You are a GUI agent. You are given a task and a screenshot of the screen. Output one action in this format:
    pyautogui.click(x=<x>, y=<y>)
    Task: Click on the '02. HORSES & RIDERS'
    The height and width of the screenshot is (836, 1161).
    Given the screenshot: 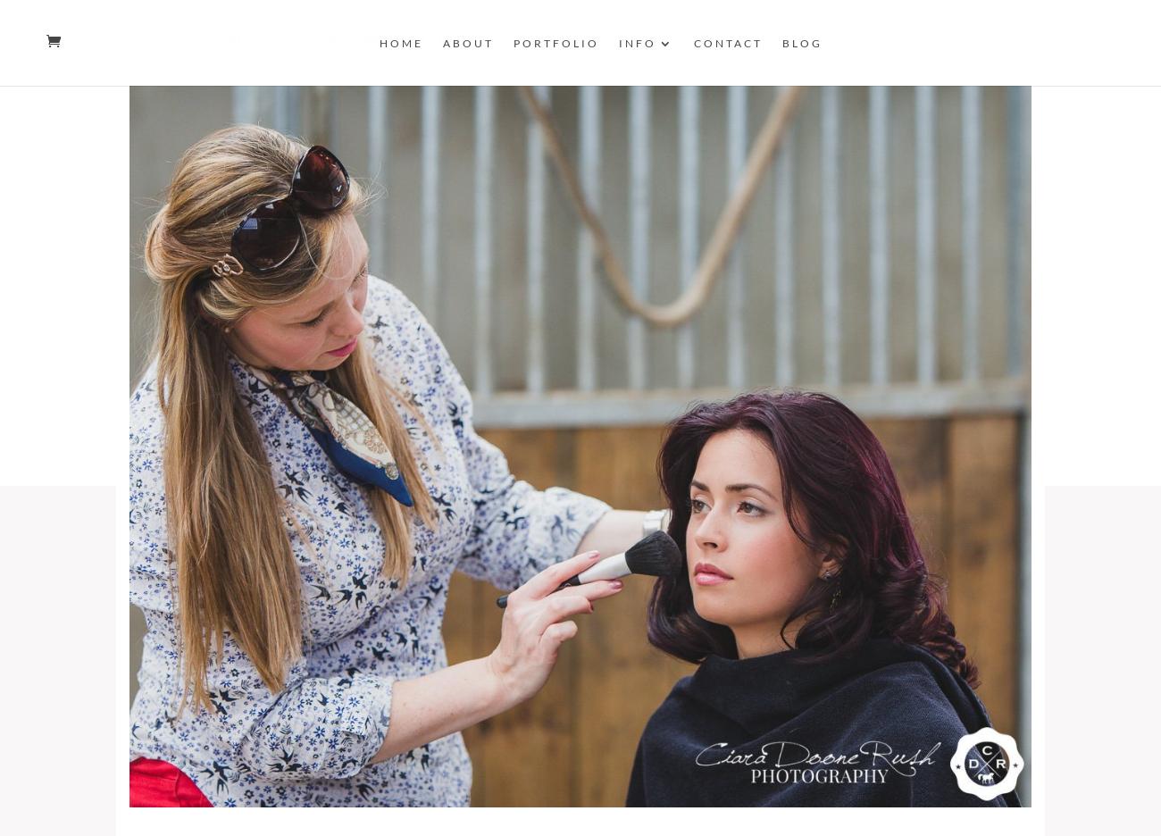 What is the action you would take?
    pyautogui.click(x=406, y=39)
    